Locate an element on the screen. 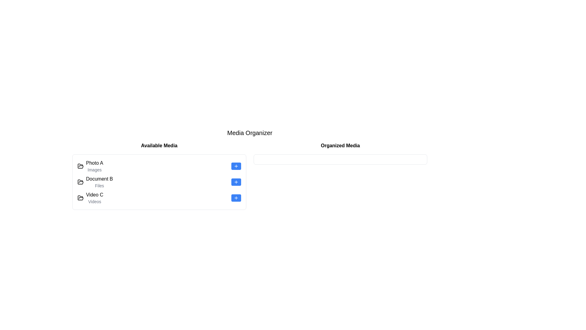 Image resolution: width=586 pixels, height=330 pixels. the open folder icon located to the left of the text 'Photo A' in the 'Available Media' section is located at coordinates (80, 166).